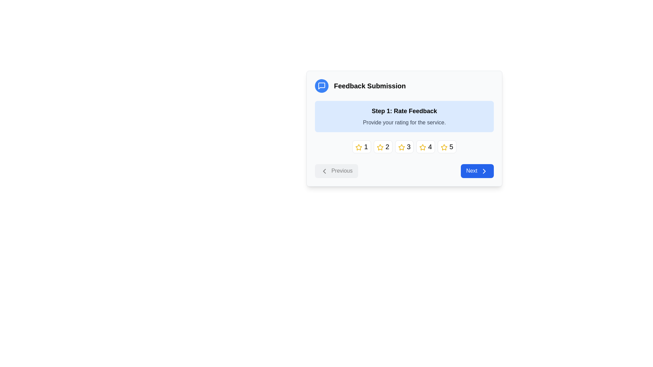 This screenshot has width=653, height=367. I want to click on the 'Feedback Submission' label with a blue circular icon on the left, which is positioned above the 'Step 1: Rate Feedback' section, so click(404, 86).